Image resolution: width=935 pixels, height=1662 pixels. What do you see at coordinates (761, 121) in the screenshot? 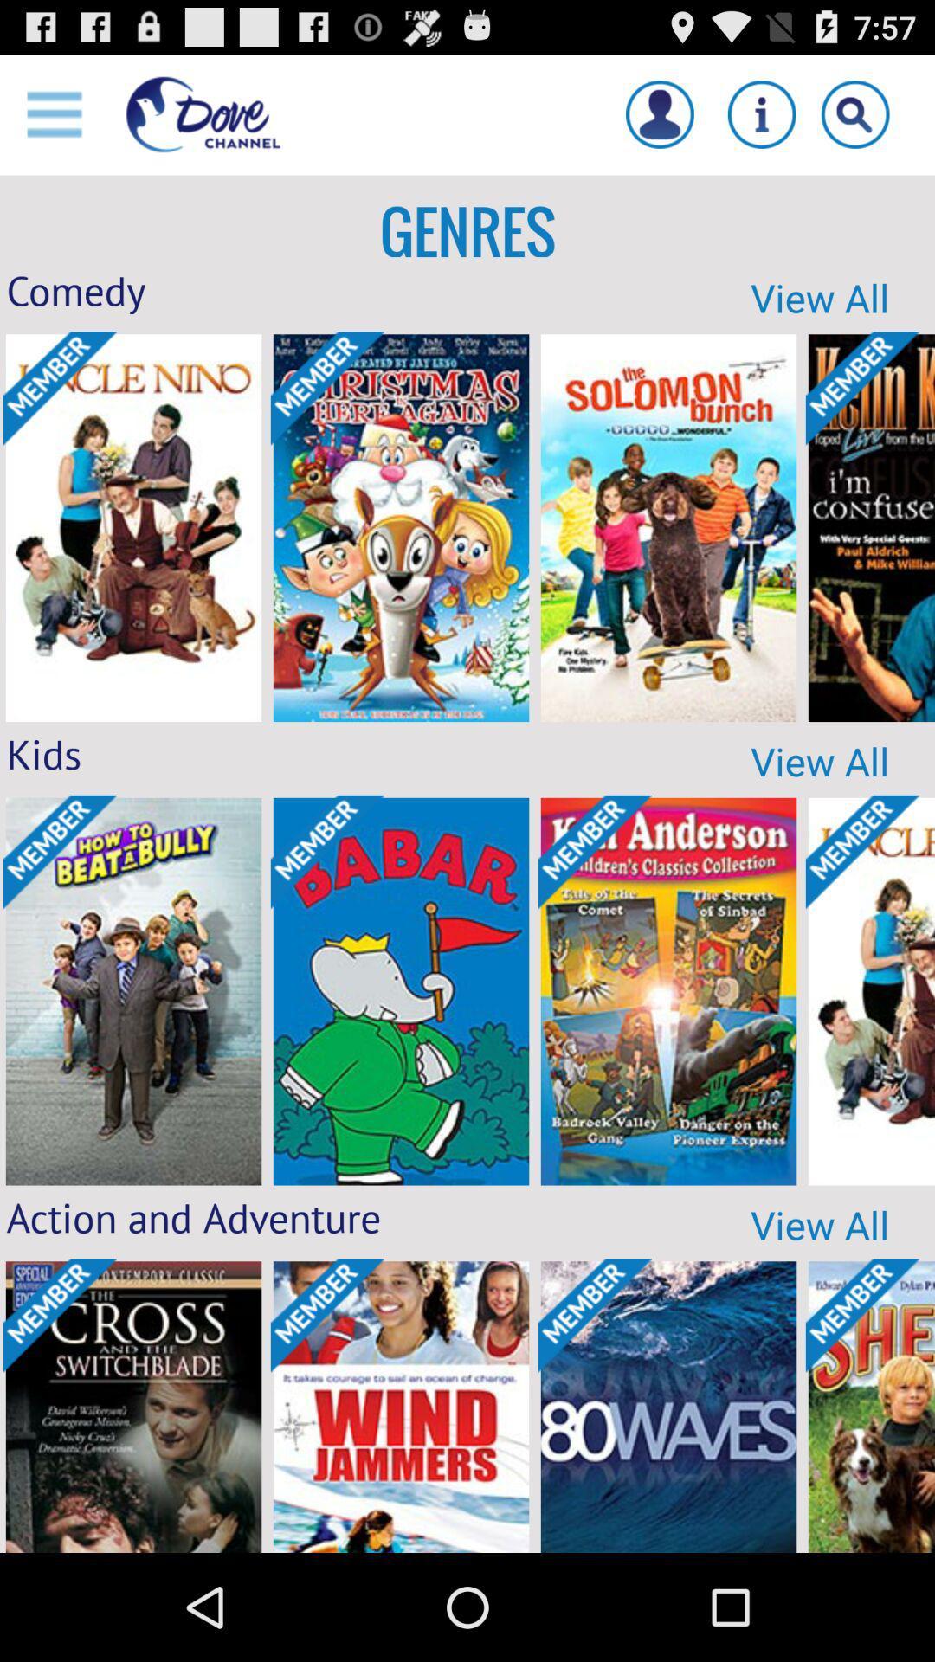
I see `the info icon` at bounding box center [761, 121].